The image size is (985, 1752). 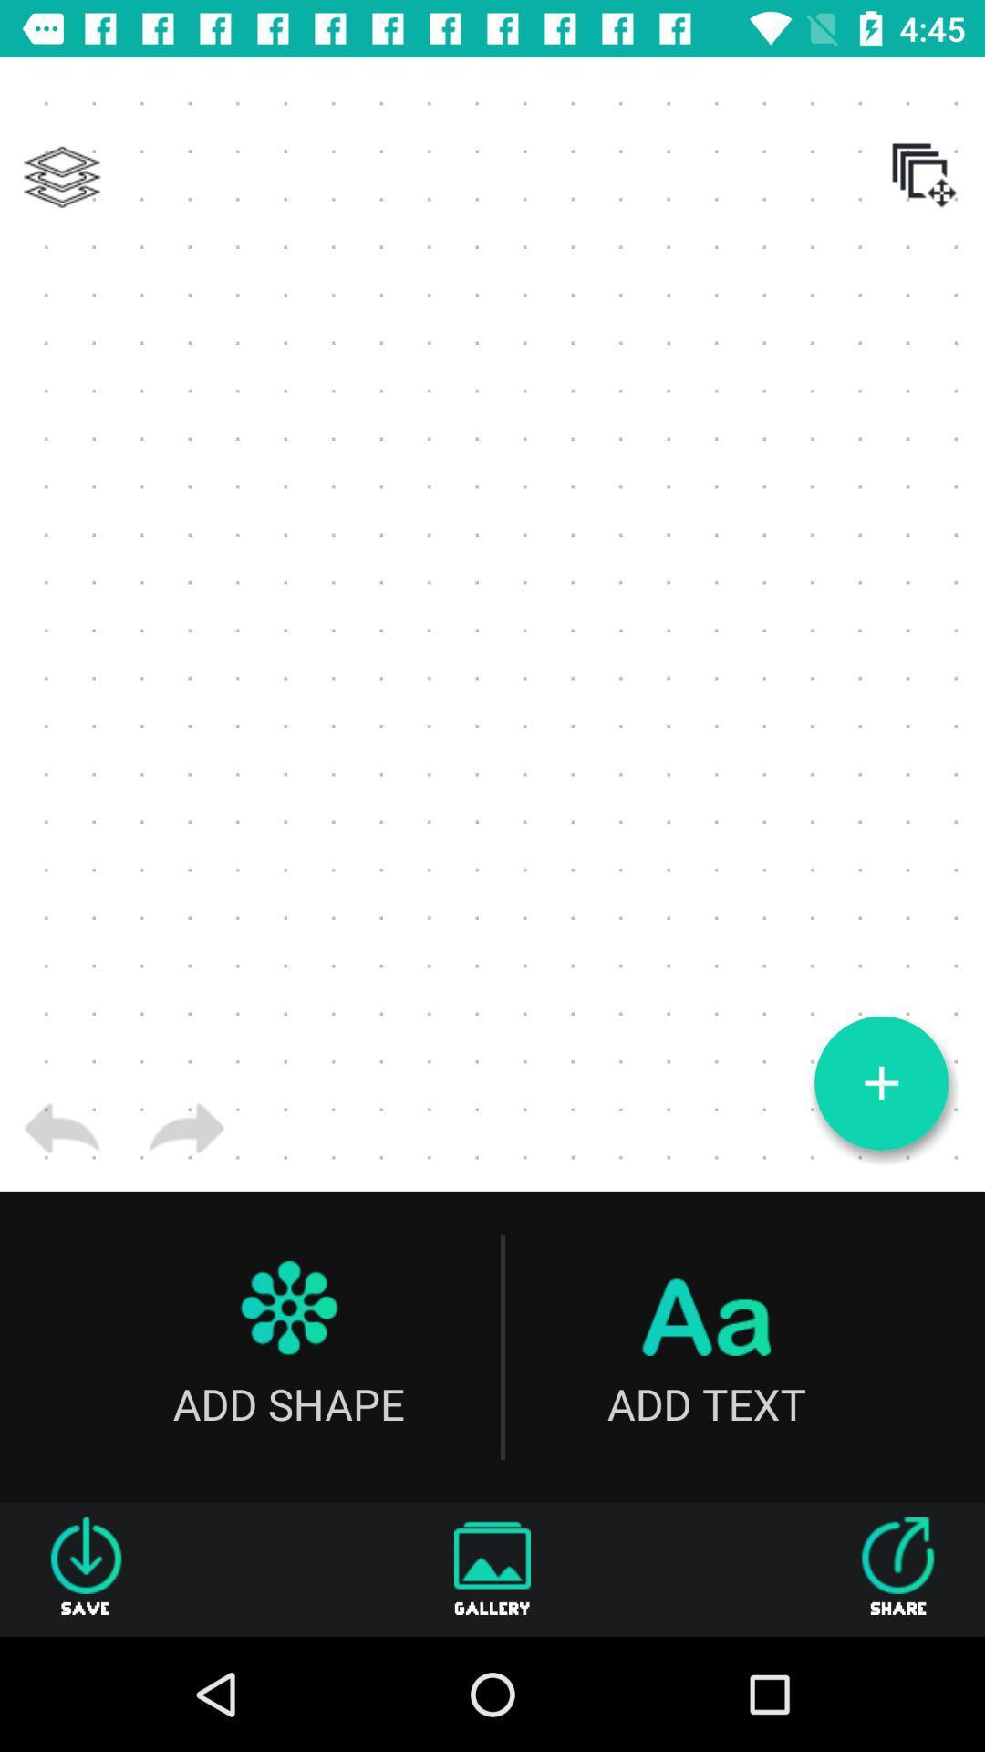 What do you see at coordinates (880, 1083) in the screenshot?
I see `the icon above the add text icon` at bounding box center [880, 1083].